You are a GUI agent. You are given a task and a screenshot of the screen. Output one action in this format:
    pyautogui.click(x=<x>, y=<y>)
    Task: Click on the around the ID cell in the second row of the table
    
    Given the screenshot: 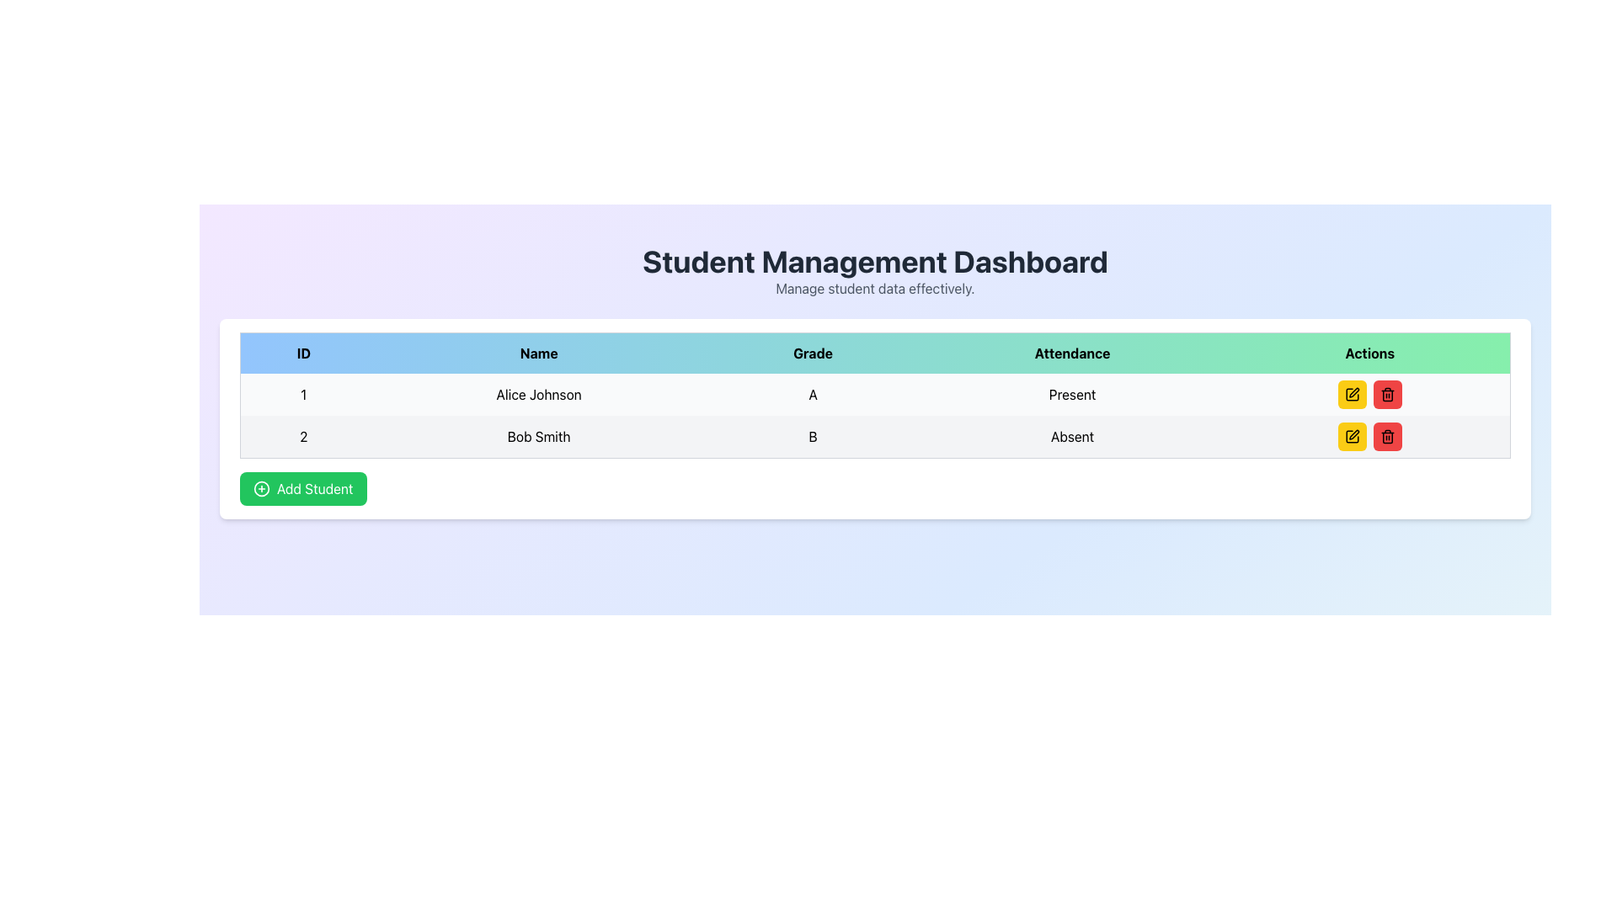 What is the action you would take?
    pyautogui.click(x=303, y=436)
    